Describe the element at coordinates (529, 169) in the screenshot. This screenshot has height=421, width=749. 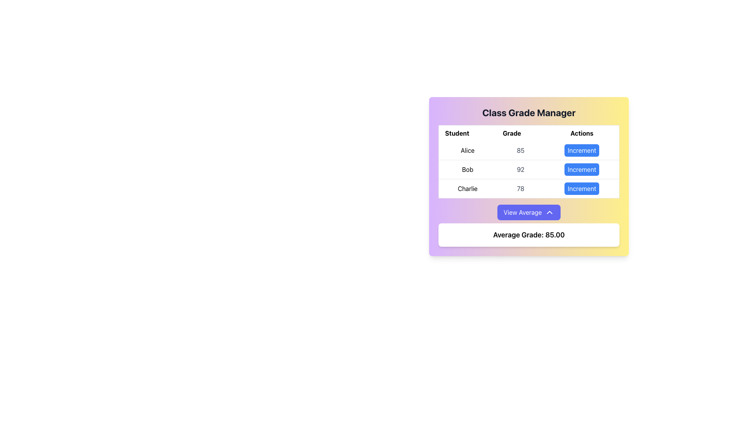
I see `the second row of the table that contains the name 'Bob', grade '92', and a blue button labeled 'Increment' for additional options` at that location.